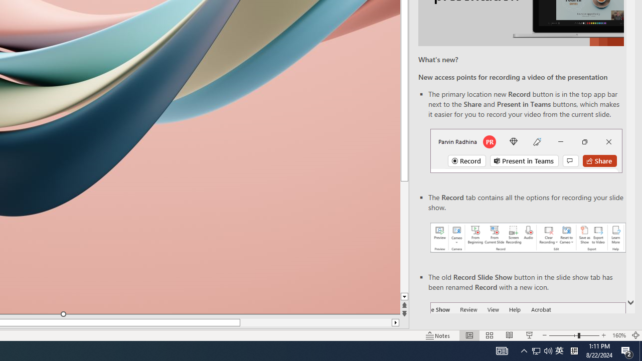 This screenshot has height=361, width=642. Describe the element at coordinates (574, 335) in the screenshot. I see `'Zoom'` at that location.